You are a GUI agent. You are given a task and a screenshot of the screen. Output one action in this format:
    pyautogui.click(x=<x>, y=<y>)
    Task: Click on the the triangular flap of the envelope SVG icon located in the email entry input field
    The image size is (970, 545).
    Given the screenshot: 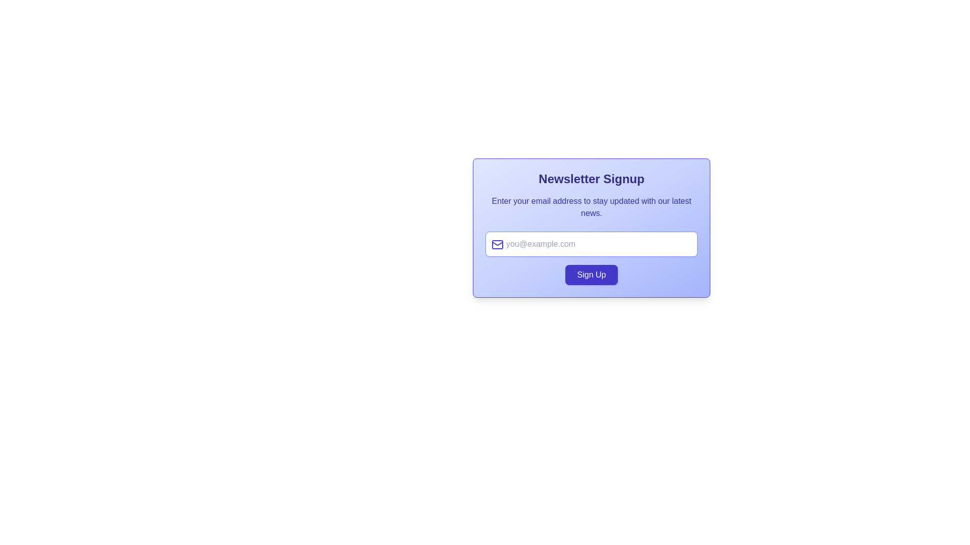 What is the action you would take?
    pyautogui.click(x=497, y=243)
    